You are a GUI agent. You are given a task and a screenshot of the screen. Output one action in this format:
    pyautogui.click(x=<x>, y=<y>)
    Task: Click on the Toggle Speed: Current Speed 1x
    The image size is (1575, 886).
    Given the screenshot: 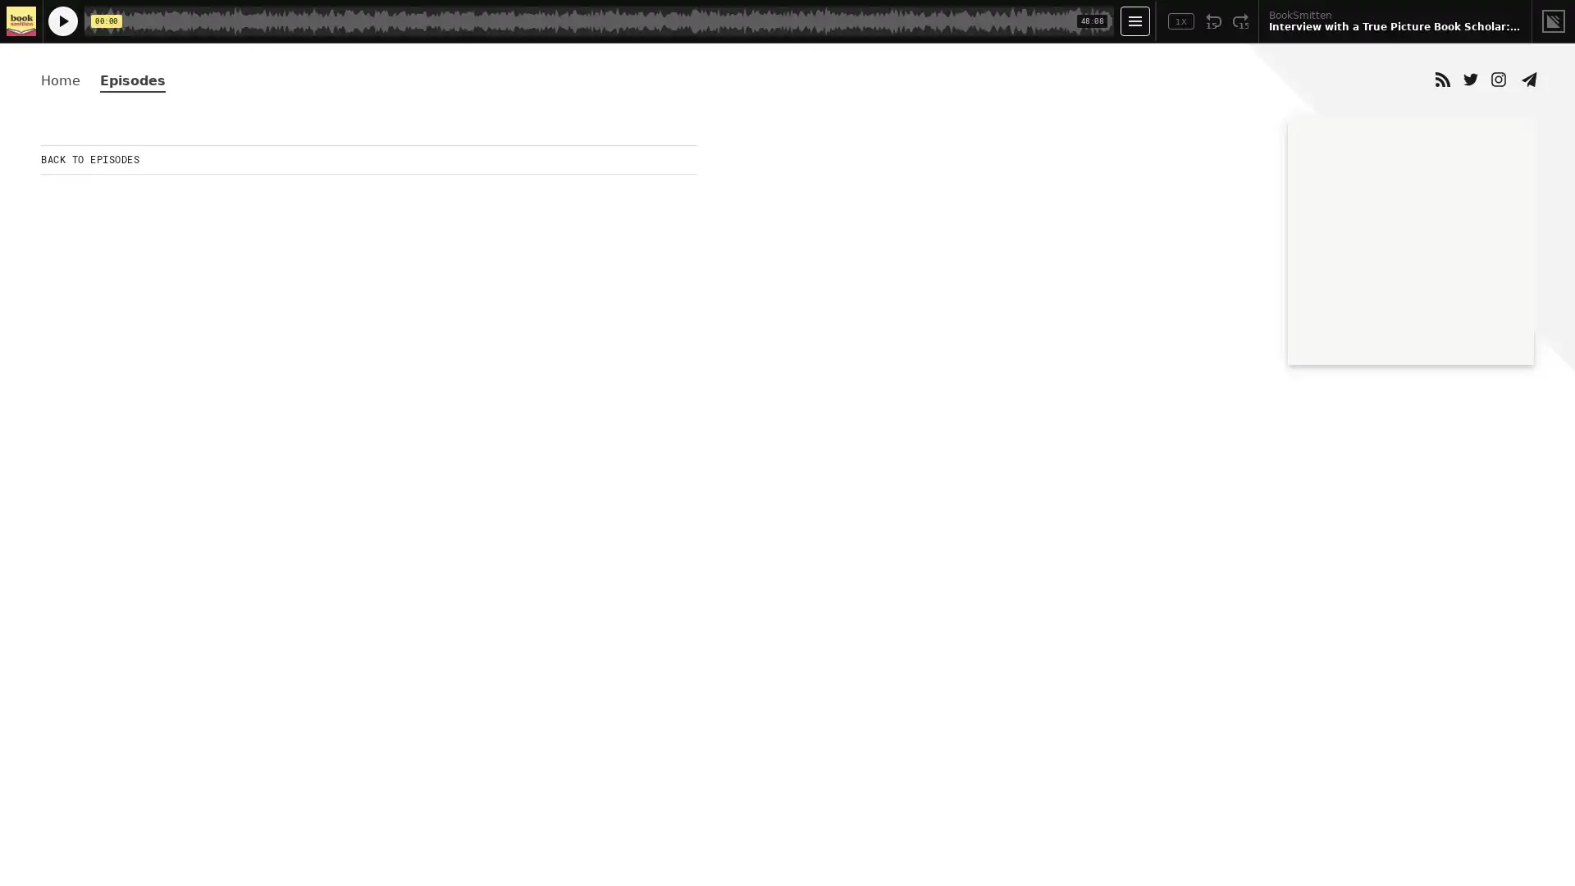 What is the action you would take?
    pyautogui.click(x=1181, y=21)
    